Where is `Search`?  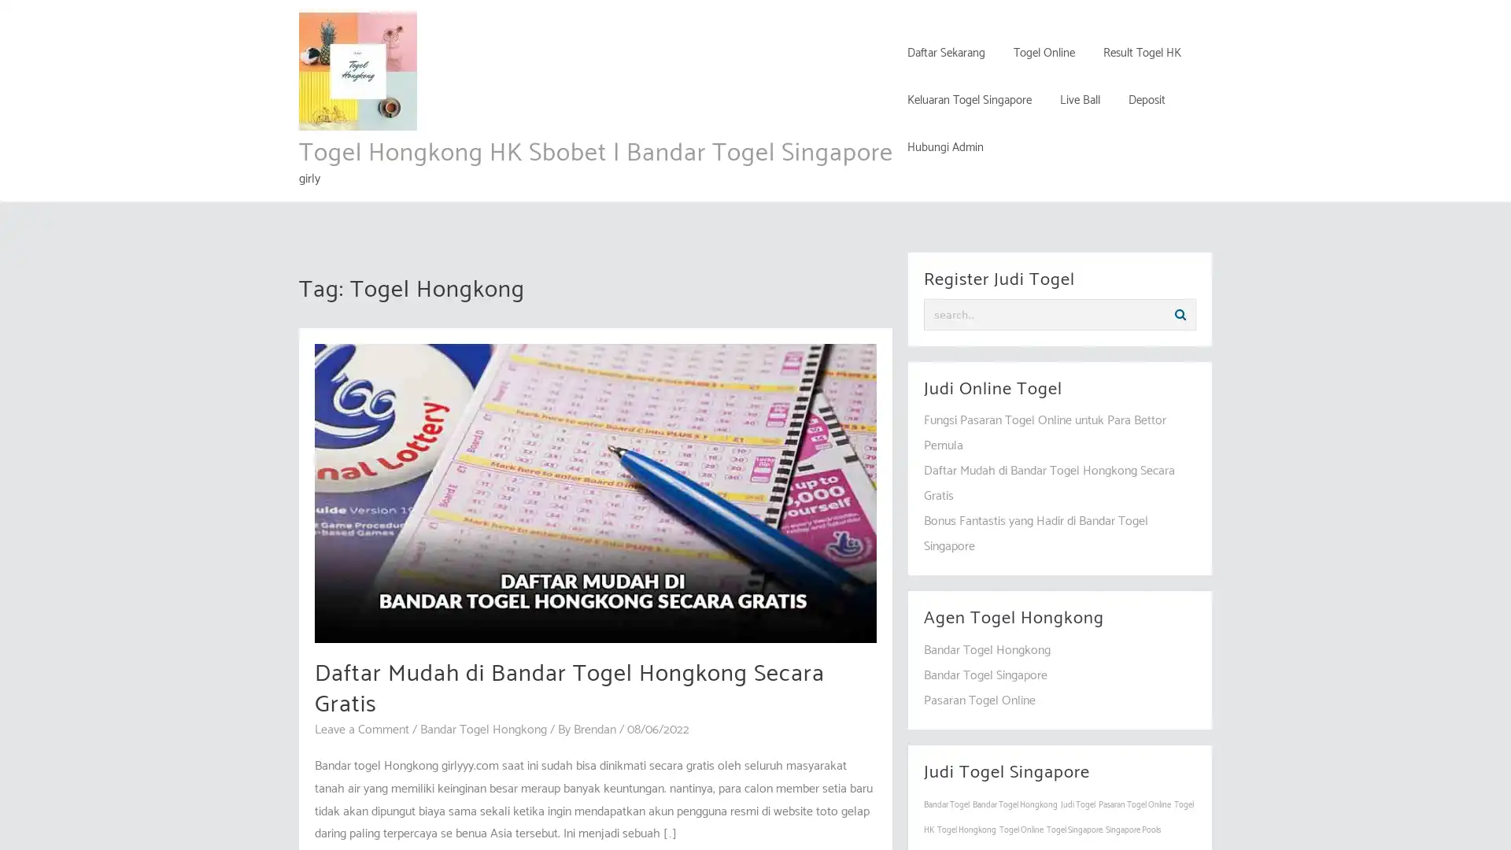
Search is located at coordinates (1180, 315).